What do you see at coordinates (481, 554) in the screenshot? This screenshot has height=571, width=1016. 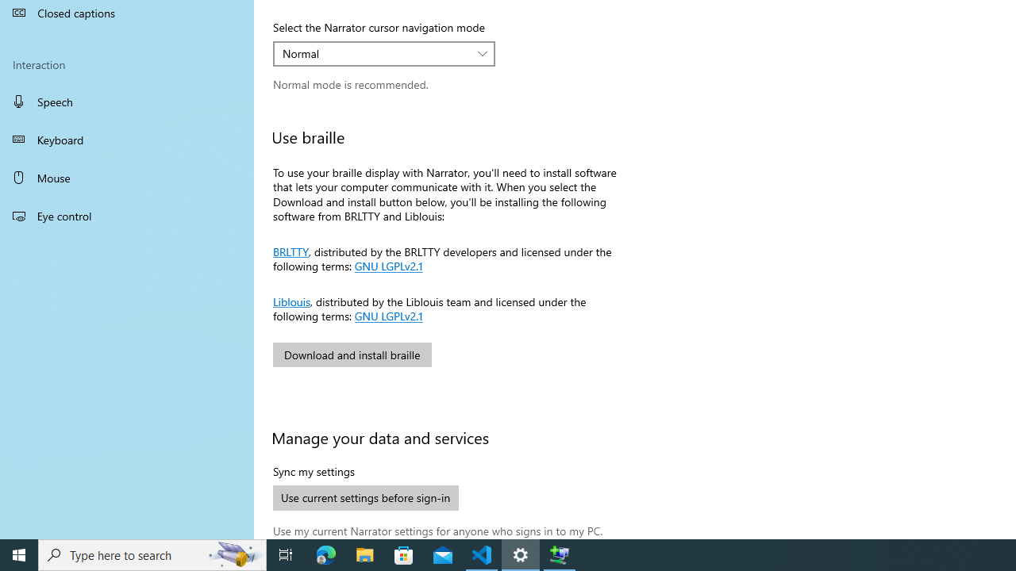 I see `'Visual Studio Code - 1 running window'` at bounding box center [481, 554].